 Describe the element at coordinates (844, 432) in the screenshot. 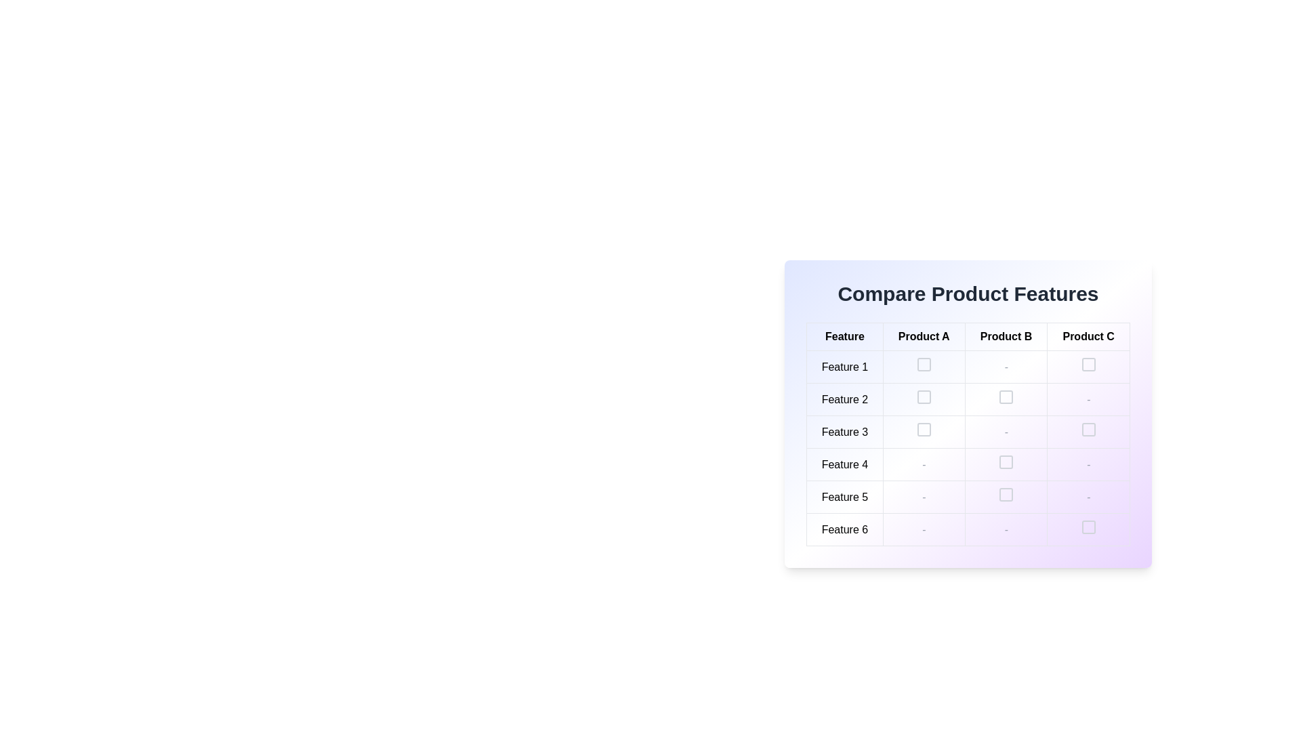

I see `text content of the text label displaying 'Feature 3', which is centrally aligned in the third row of the 'Feature' column in the table` at that location.